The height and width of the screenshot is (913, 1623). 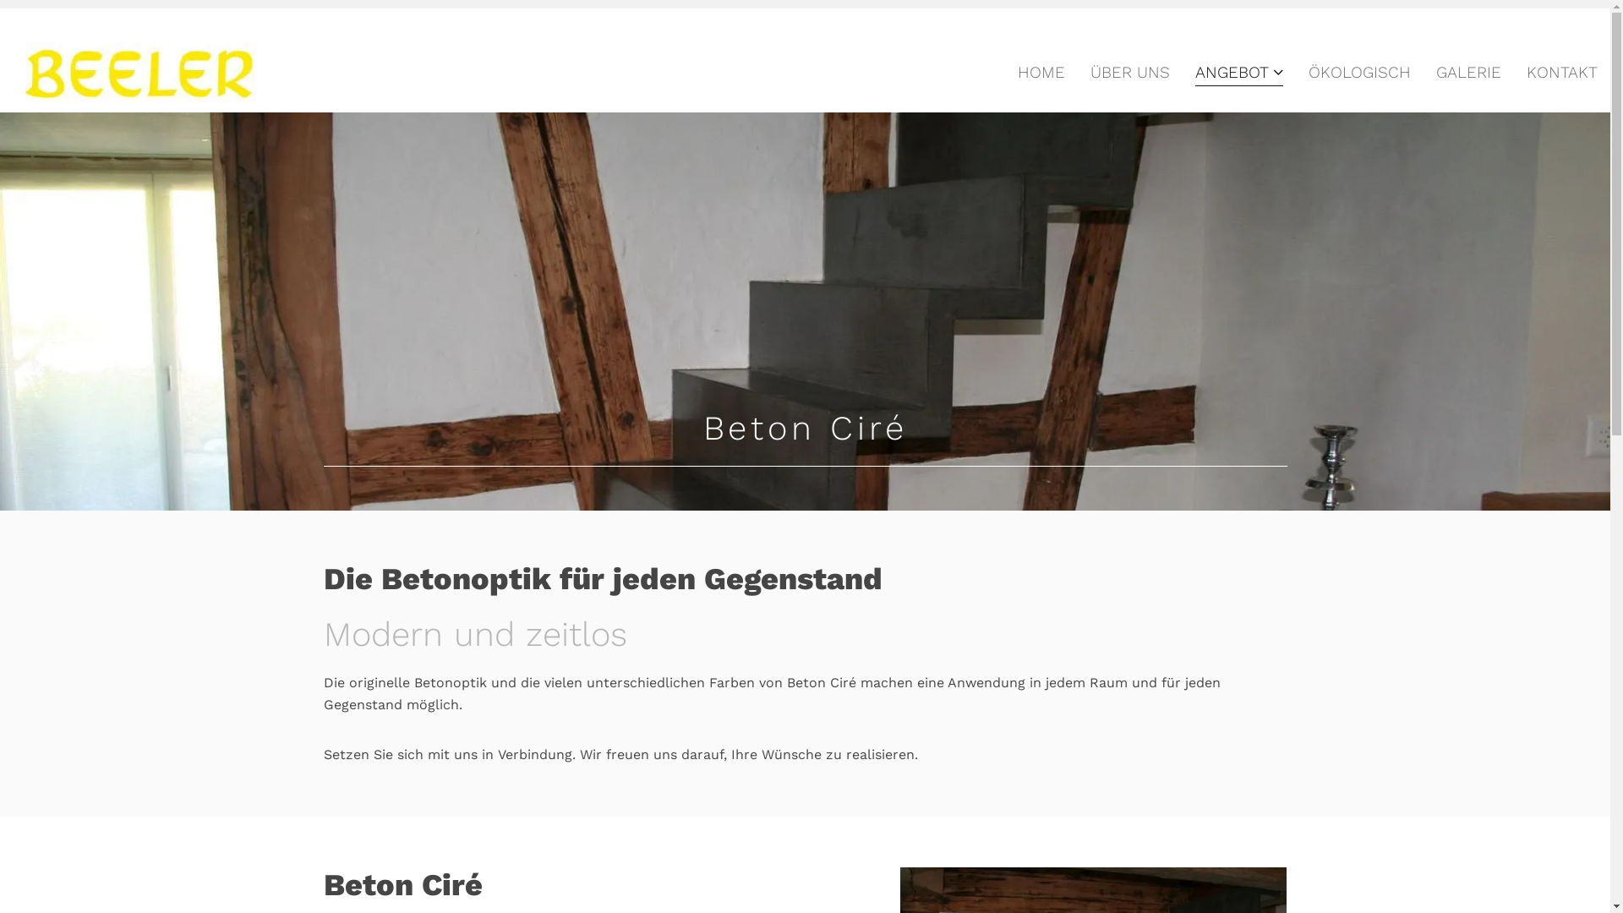 I want to click on 'ANGEBOT', so click(x=1238, y=70).